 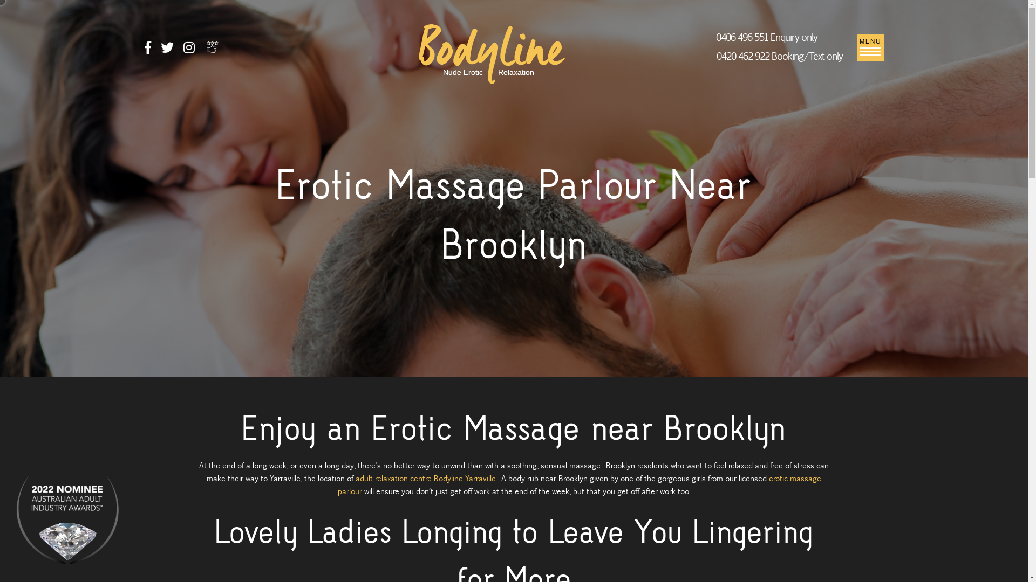 What do you see at coordinates (337, 484) in the screenshot?
I see `'erotic massage parlour'` at bounding box center [337, 484].